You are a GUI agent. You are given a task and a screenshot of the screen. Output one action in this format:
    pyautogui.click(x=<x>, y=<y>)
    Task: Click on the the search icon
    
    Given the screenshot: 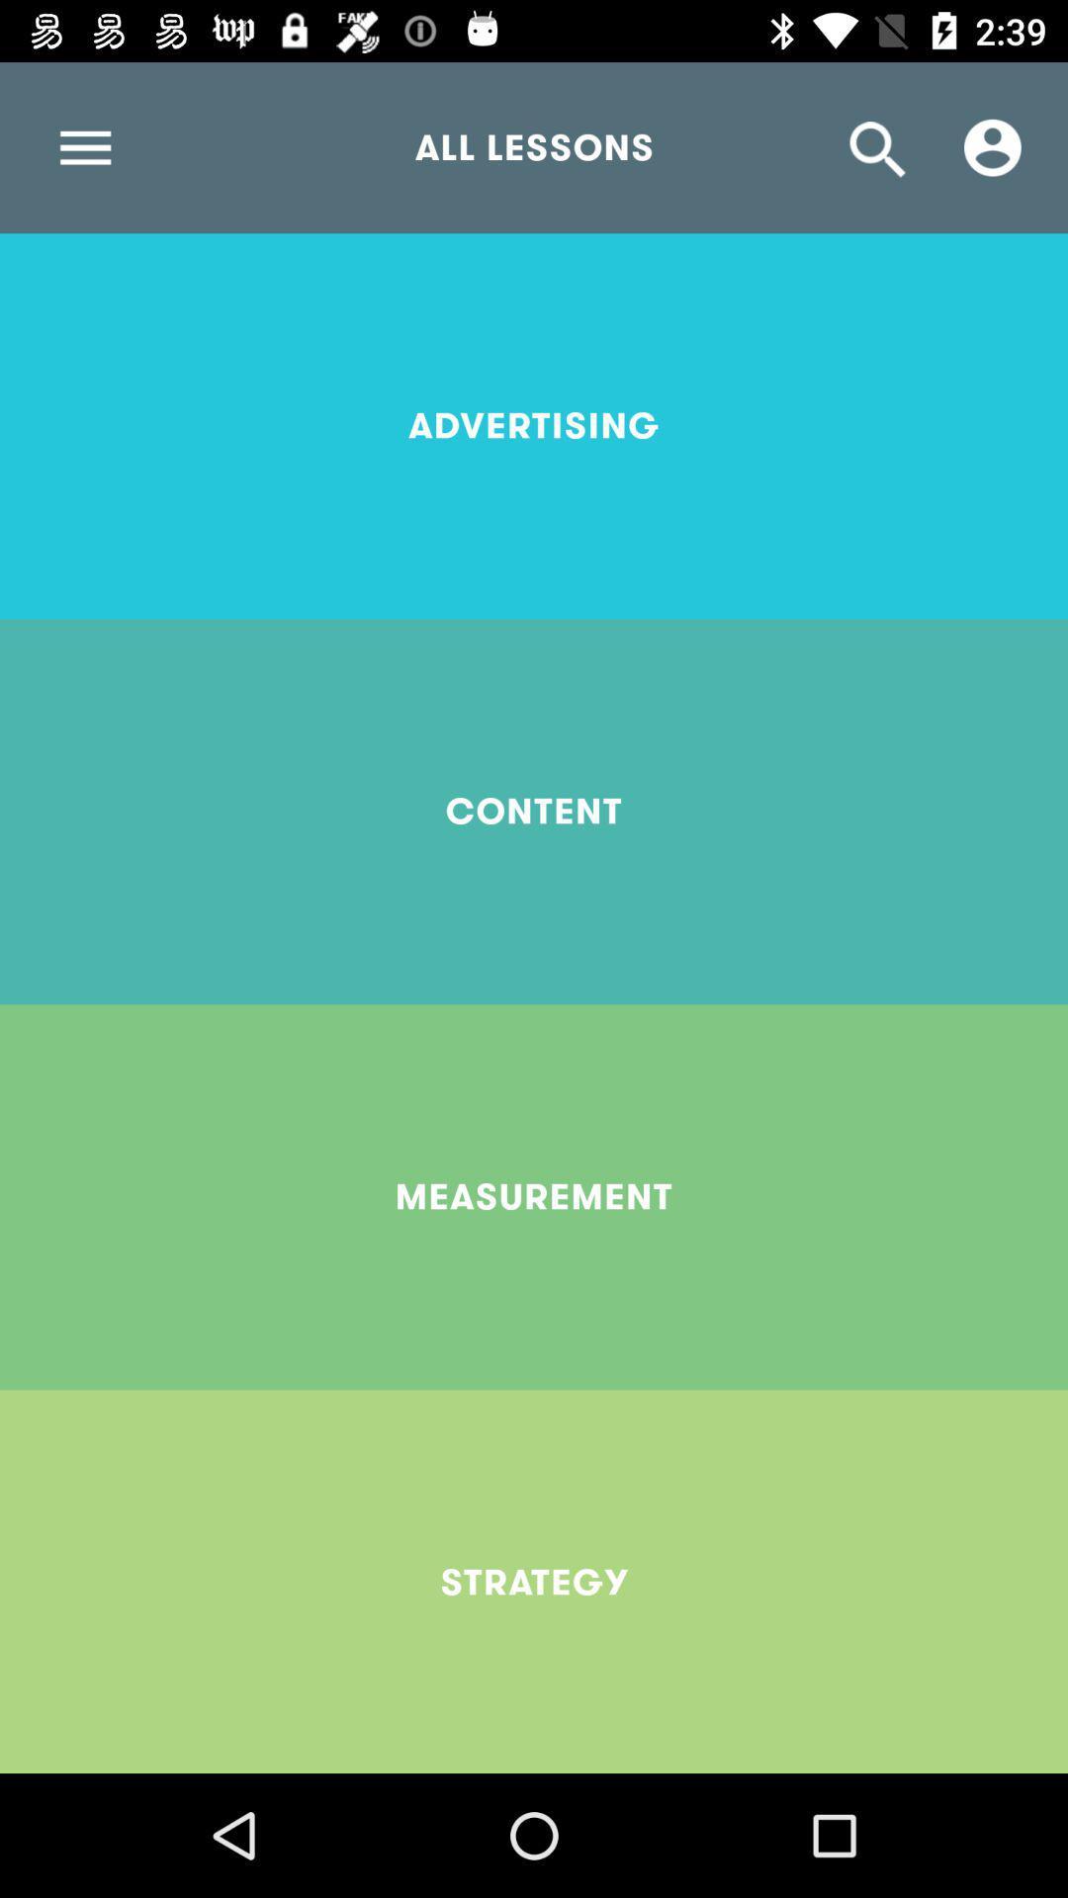 What is the action you would take?
    pyautogui.click(x=877, y=146)
    